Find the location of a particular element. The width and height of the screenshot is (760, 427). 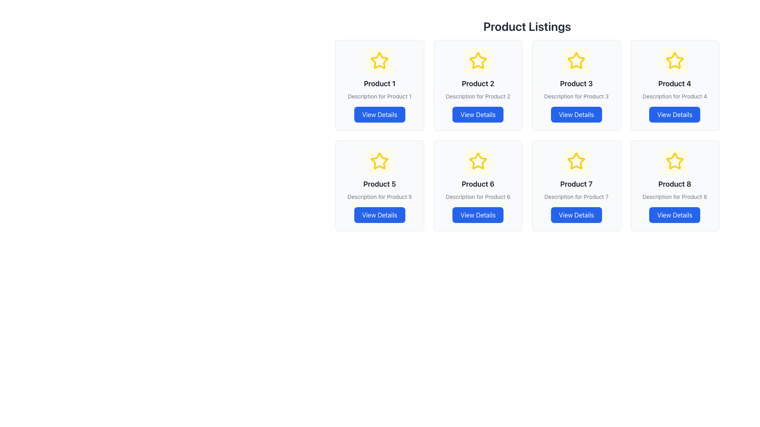

the star icon located at the top-center of the 'Product 8' card is located at coordinates (674, 161).